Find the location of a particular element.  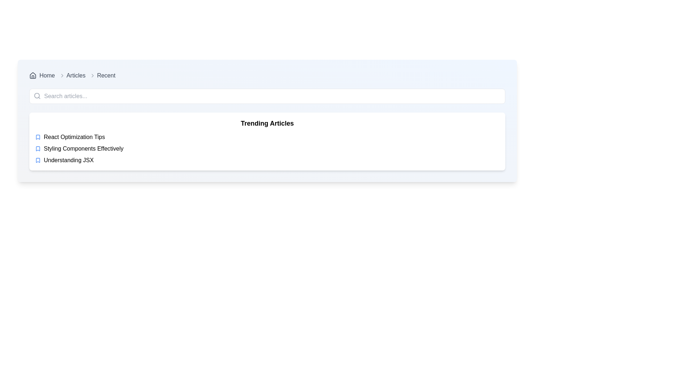

the text-based hyperlink located in the breadcrumb navigation bar, positioned between the 'Home' and 'Recent' links is located at coordinates (76, 75).